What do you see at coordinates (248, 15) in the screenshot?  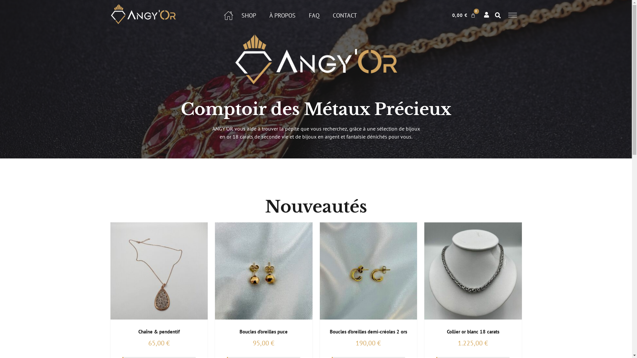 I see `'SHOP'` at bounding box center [248, 15].